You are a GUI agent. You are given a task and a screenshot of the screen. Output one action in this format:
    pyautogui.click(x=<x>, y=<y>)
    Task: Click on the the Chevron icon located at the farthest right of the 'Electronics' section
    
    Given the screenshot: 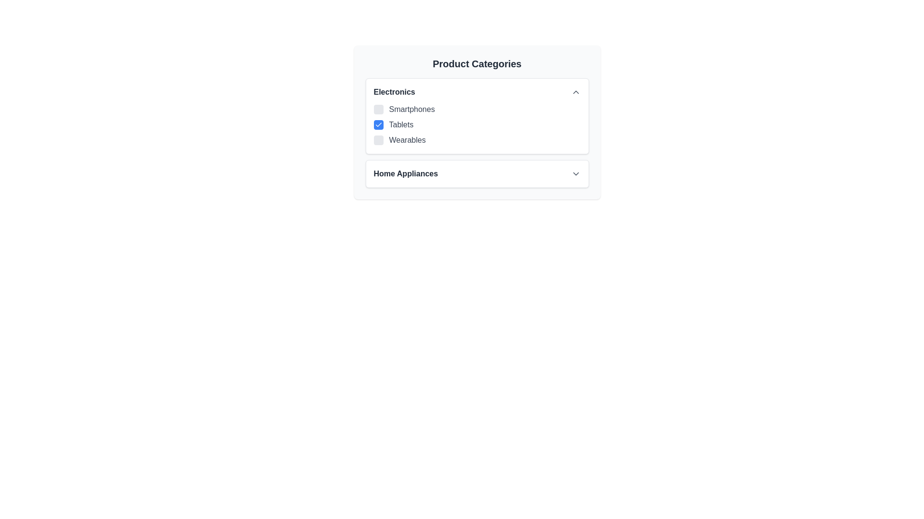 What is the action you would take?
    pyautogui.click(x=576, y=92)
    